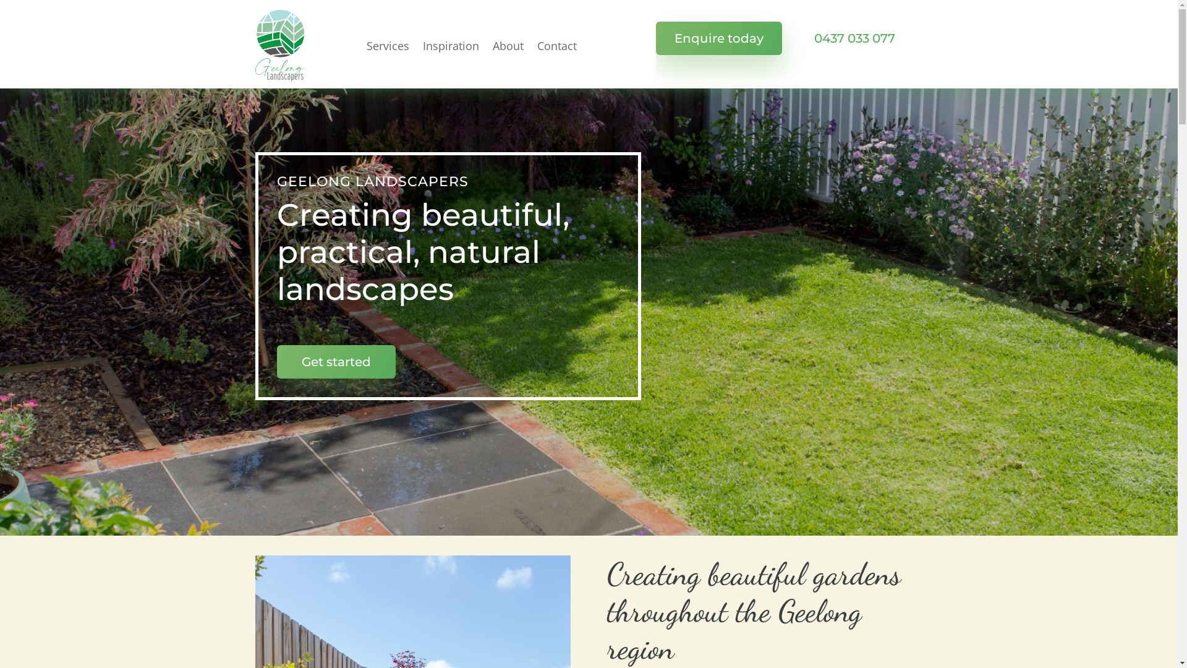 This screenshot has width=1187, height=668. I want to click on 'Enquire today', so click(655, 37).